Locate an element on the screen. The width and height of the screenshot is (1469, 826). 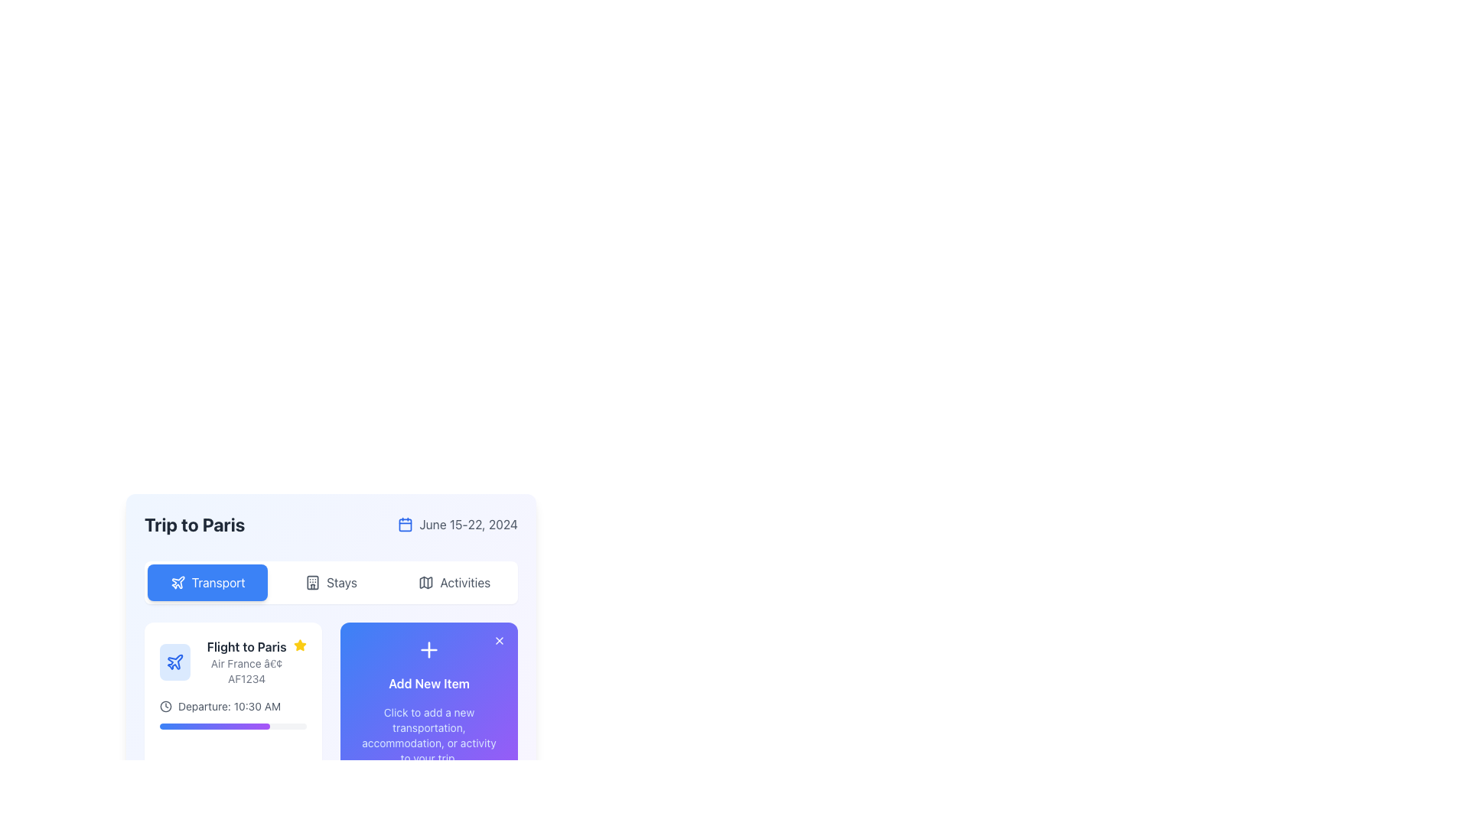
the text label displaying 'Air France â€¢ AF1234', which is styled in a smaller gray font and located beneath the 'Flight to Paris' title within the flight information card is located at coordinates (246, 671).